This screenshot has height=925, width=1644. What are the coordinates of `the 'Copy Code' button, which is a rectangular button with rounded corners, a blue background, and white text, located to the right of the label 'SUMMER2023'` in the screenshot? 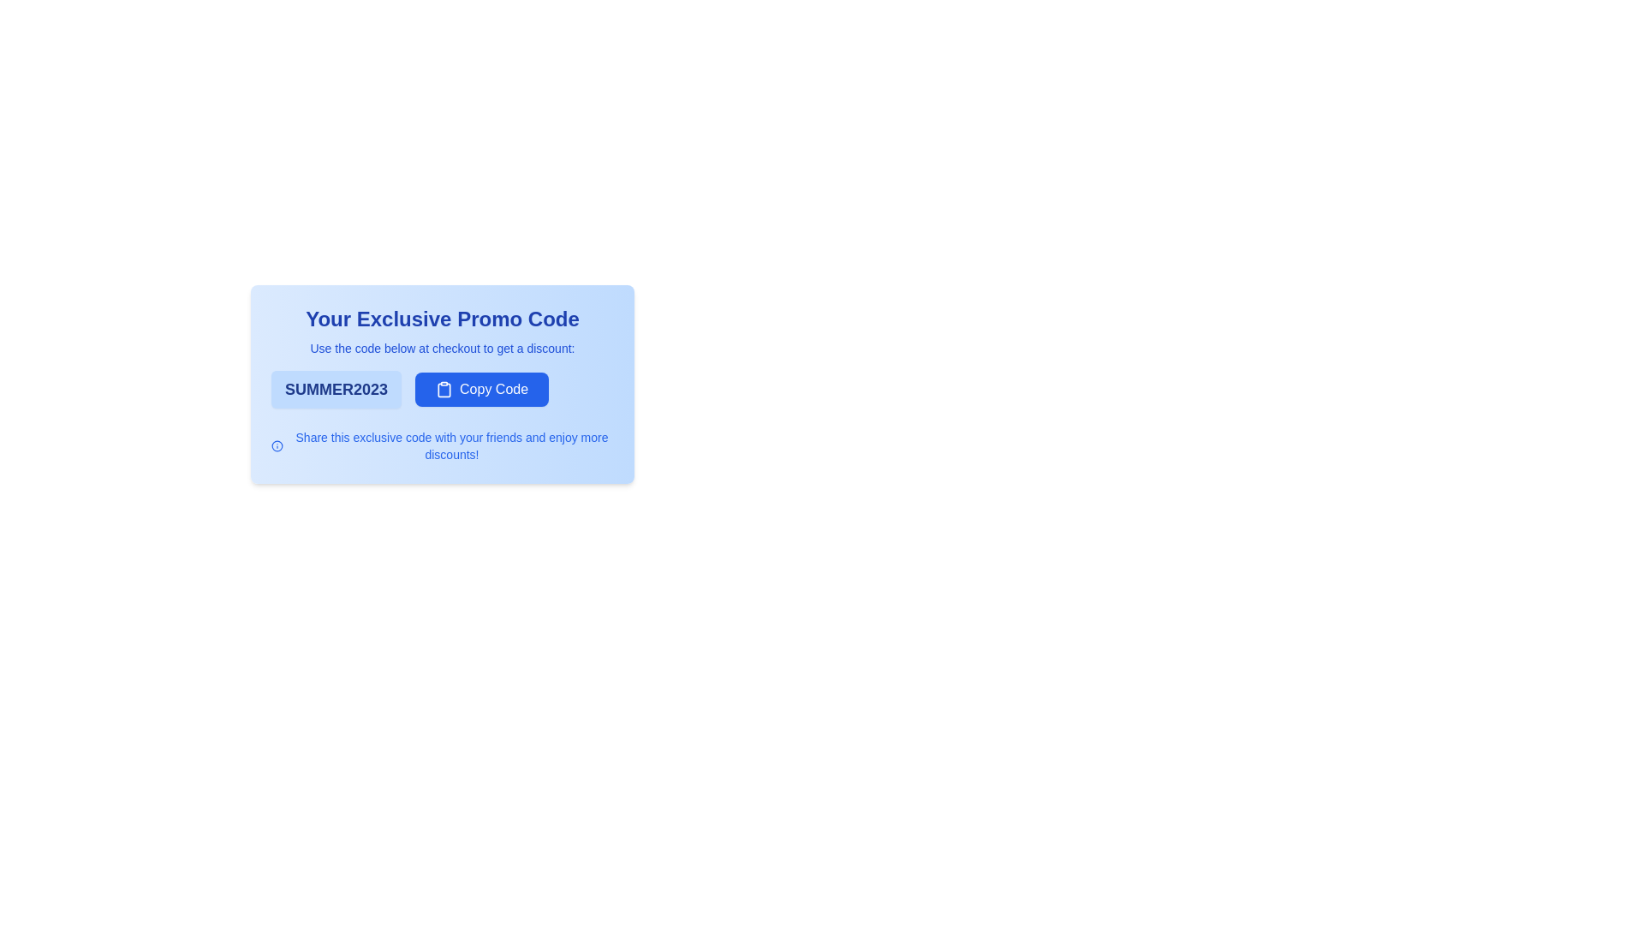 It's located at (481, 390).